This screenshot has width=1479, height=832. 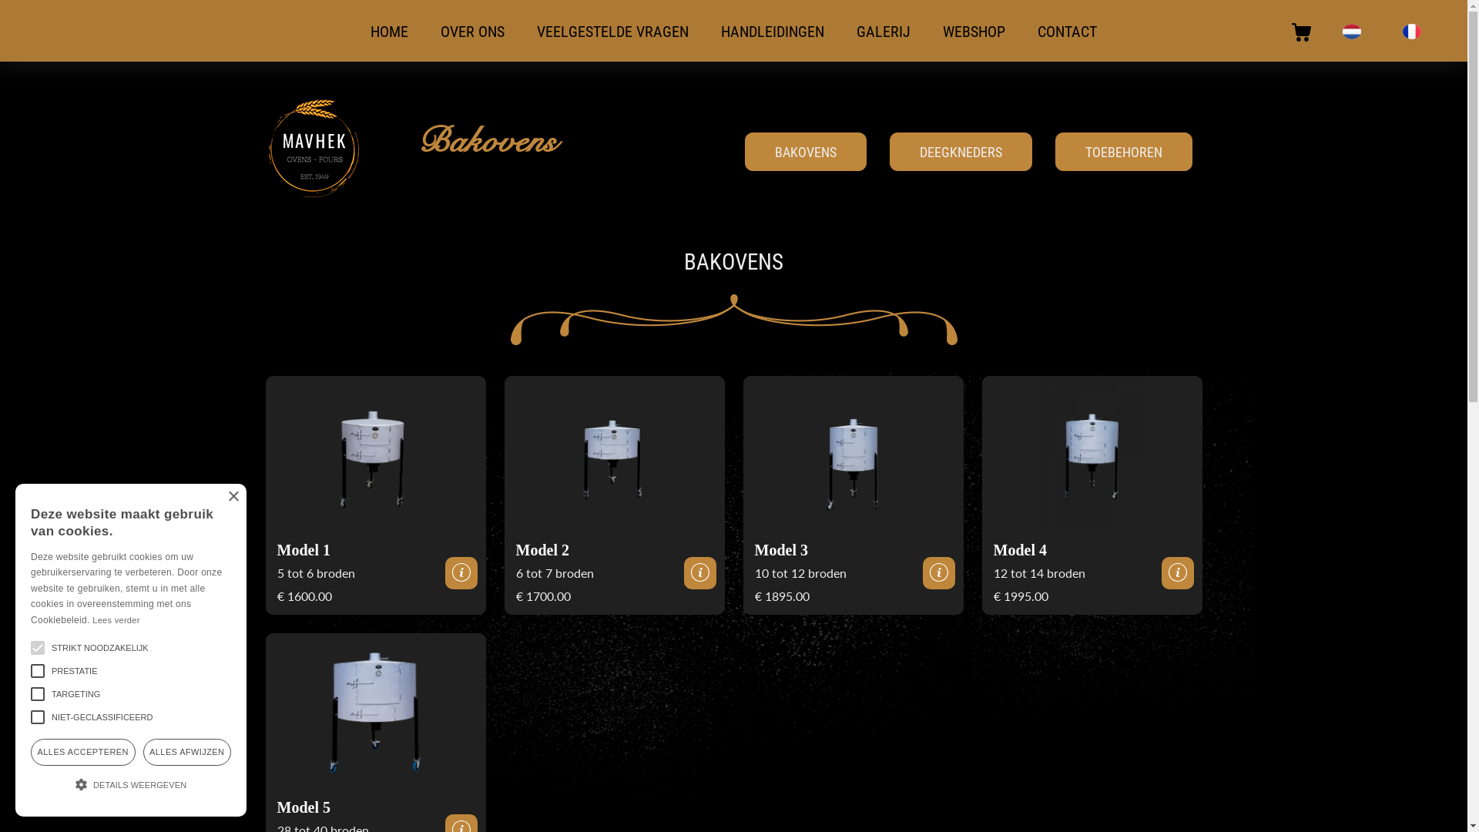 What do you see at coordinates (612, 30) in the screenshot?
I see `'VEELGESTELDE VRAGEN'` at bounding box center [612, 30].